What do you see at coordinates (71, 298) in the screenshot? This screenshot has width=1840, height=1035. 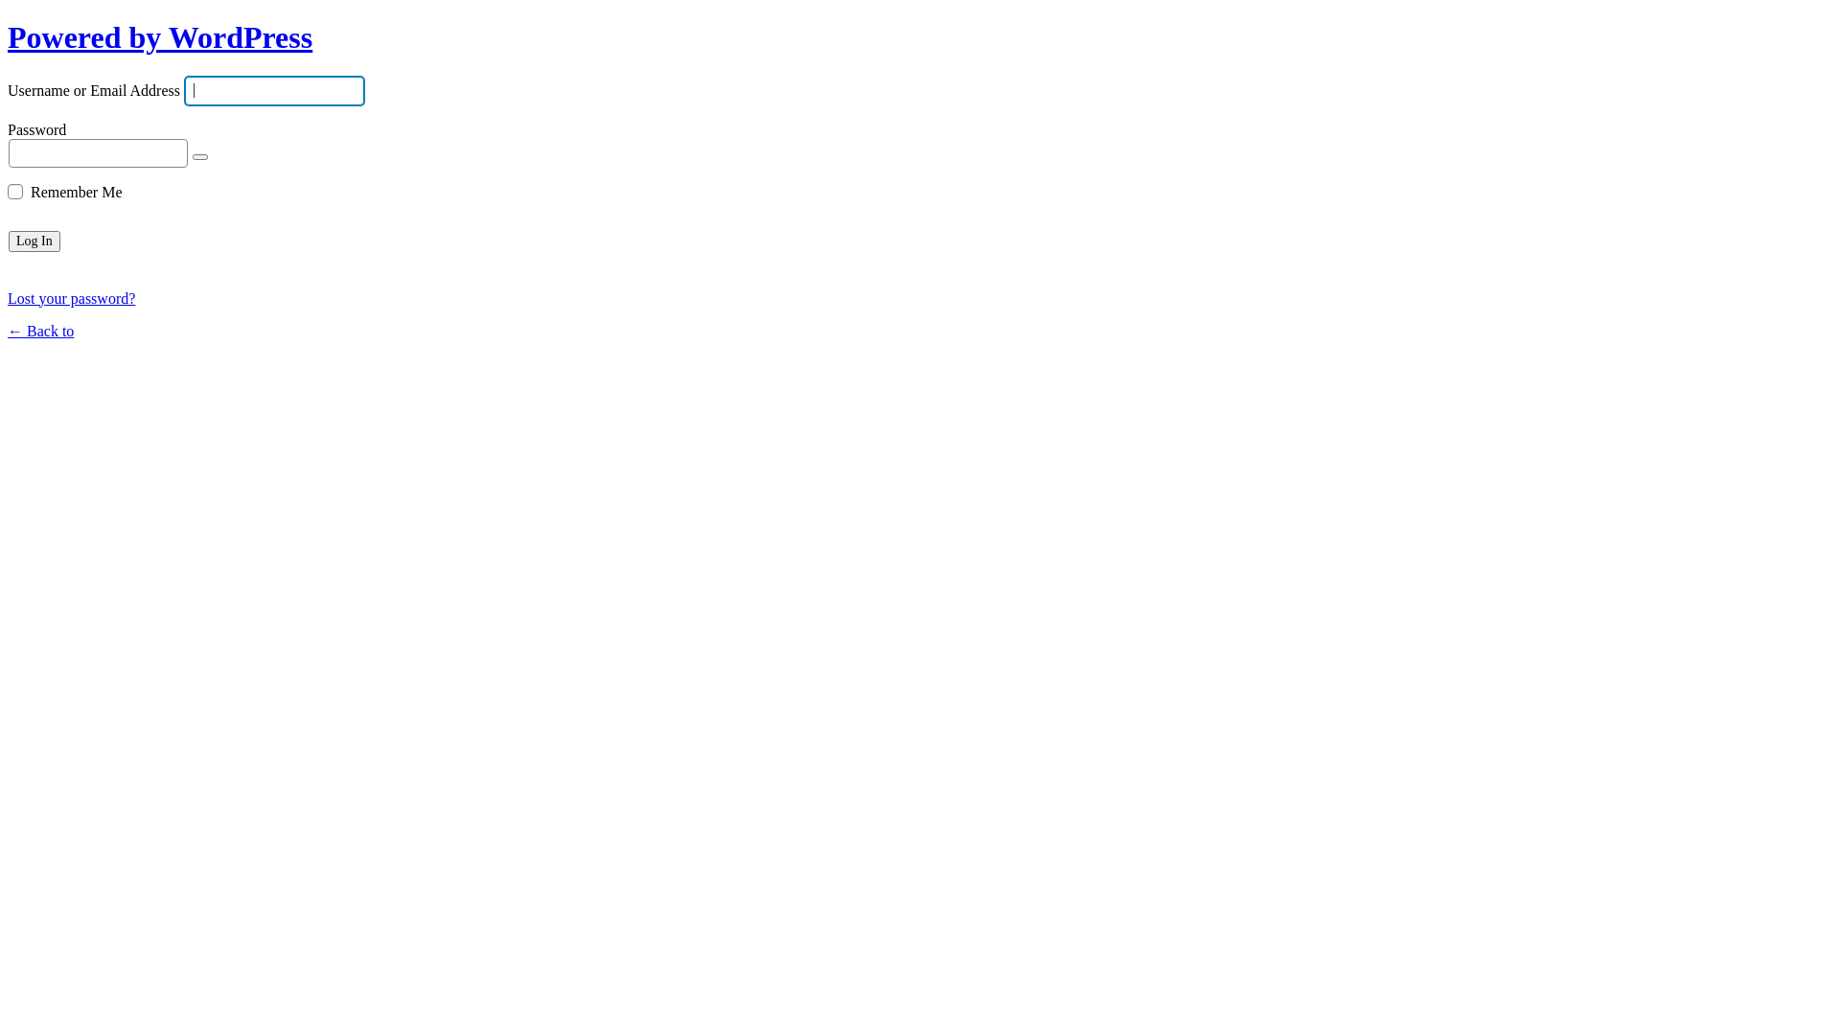 I see `'Lost your password?'` at bounding box center [71, 298].